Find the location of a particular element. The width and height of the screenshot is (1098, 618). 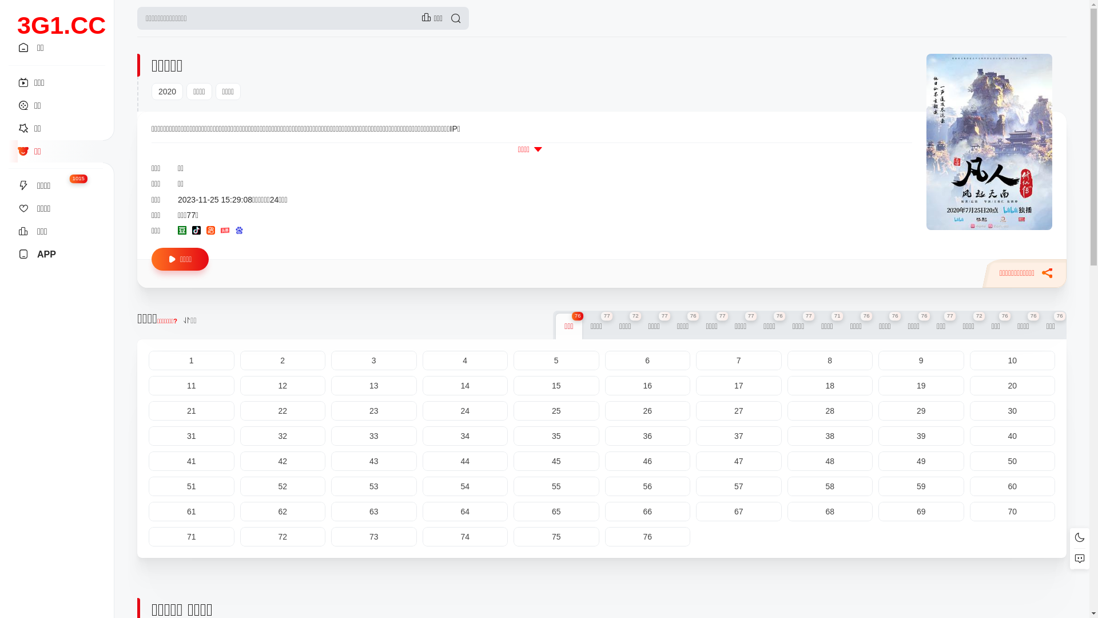

'6' is located at coordinates (647, 359).